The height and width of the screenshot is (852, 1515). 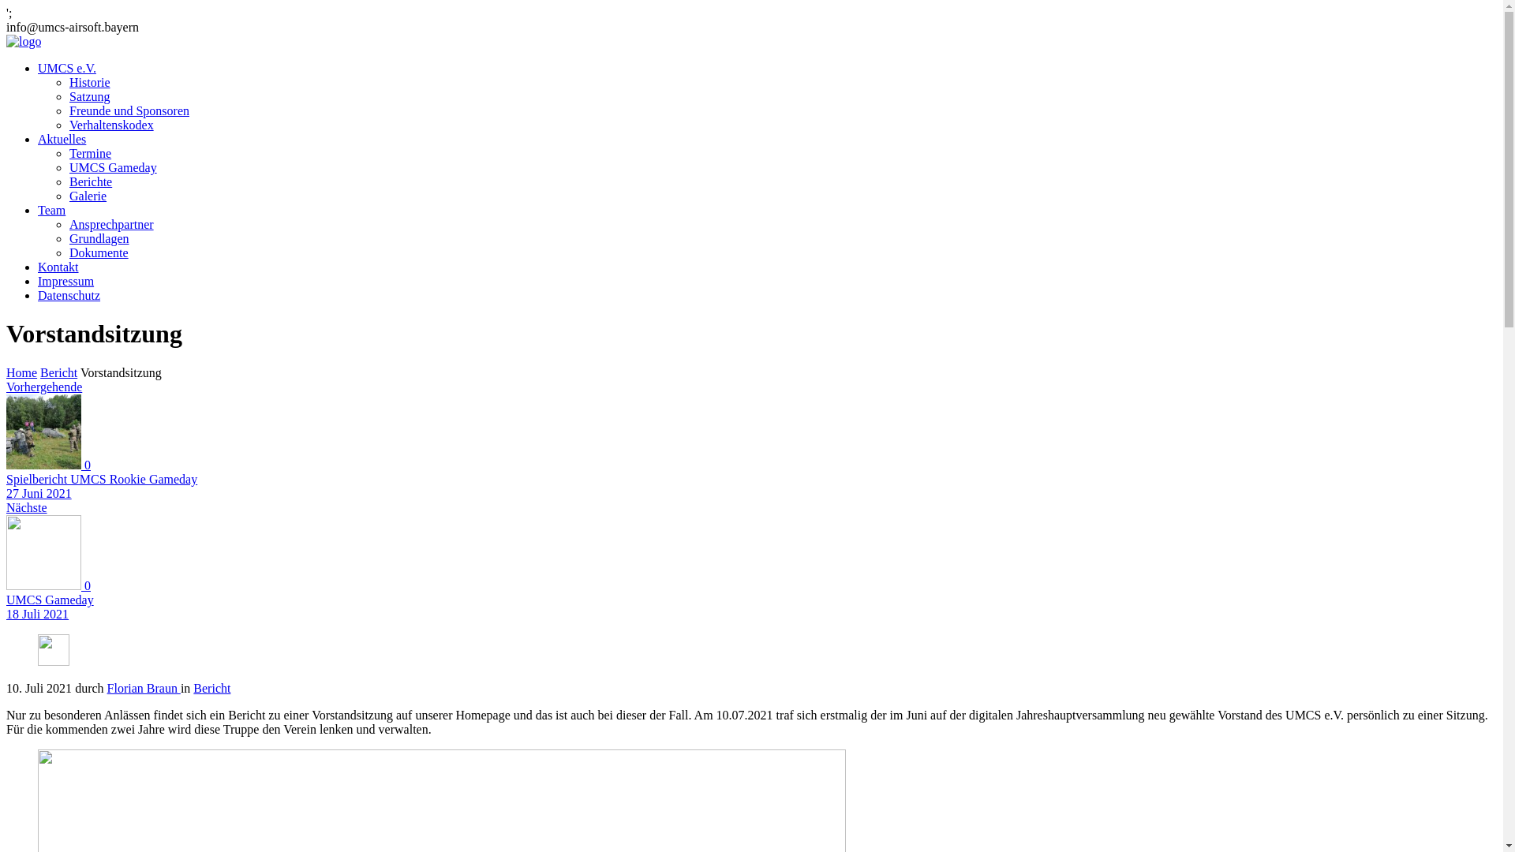 I want to click on 'Kontakt', so click(x=58, y=266).